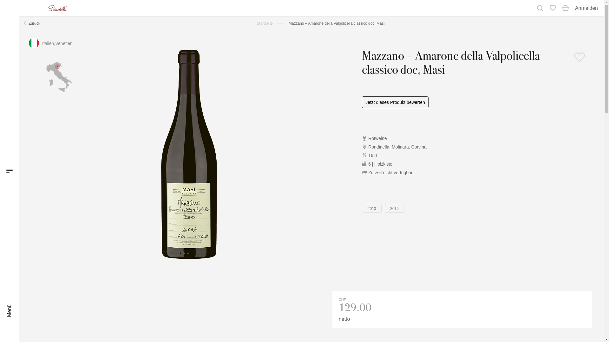  What do you see at coordinates (394, 208) in the screenshot?
I see `'2015'` at bounding box center [394, 208].